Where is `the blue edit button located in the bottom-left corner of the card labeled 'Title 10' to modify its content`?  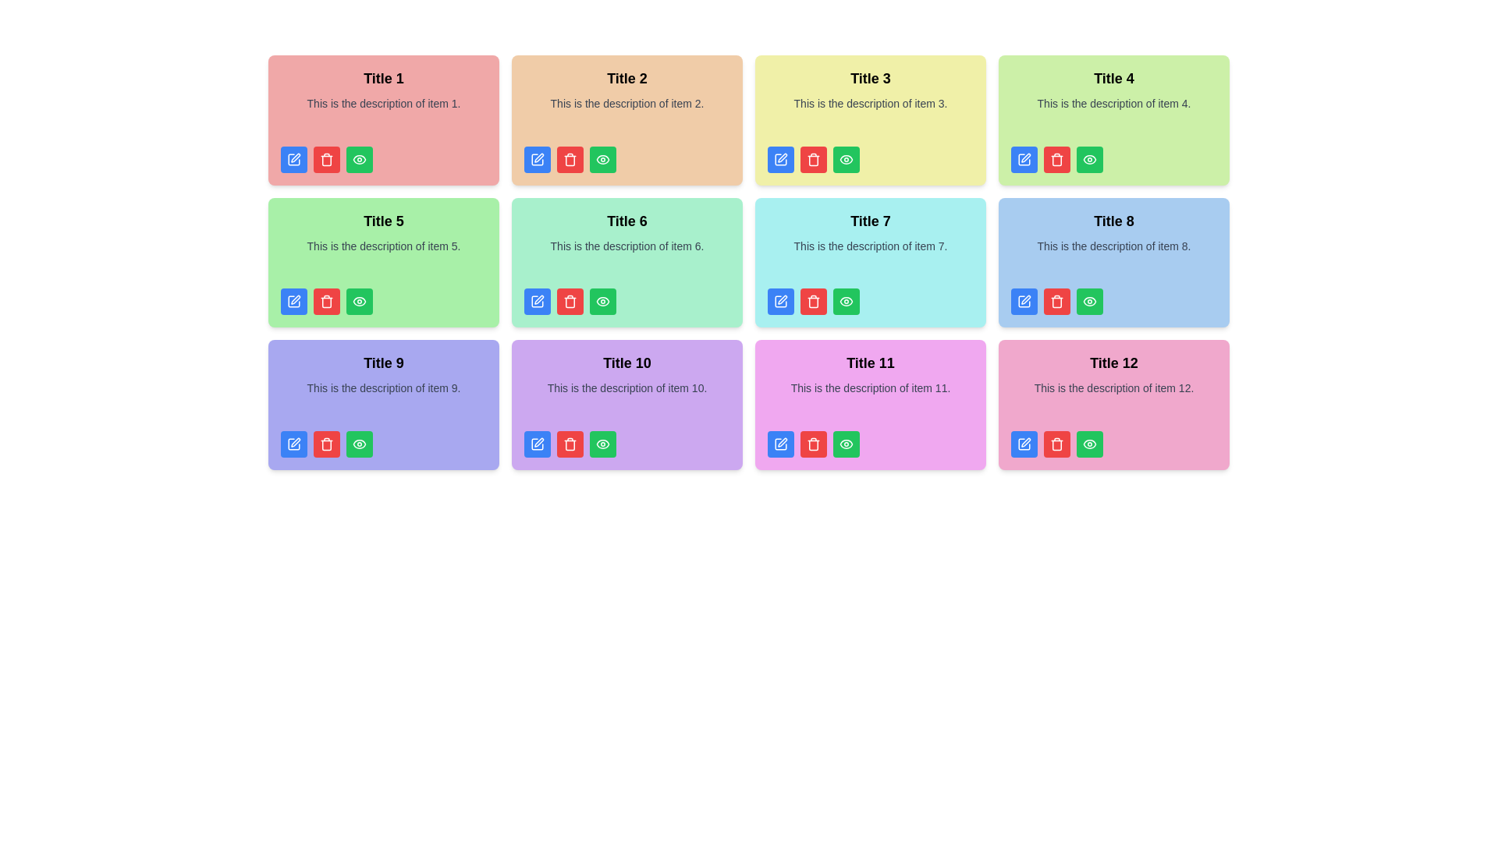
the blue edit button located in the bottom-left corner of the card labeled 'Title 10' to modify its content is located at coordinates (538, 444).